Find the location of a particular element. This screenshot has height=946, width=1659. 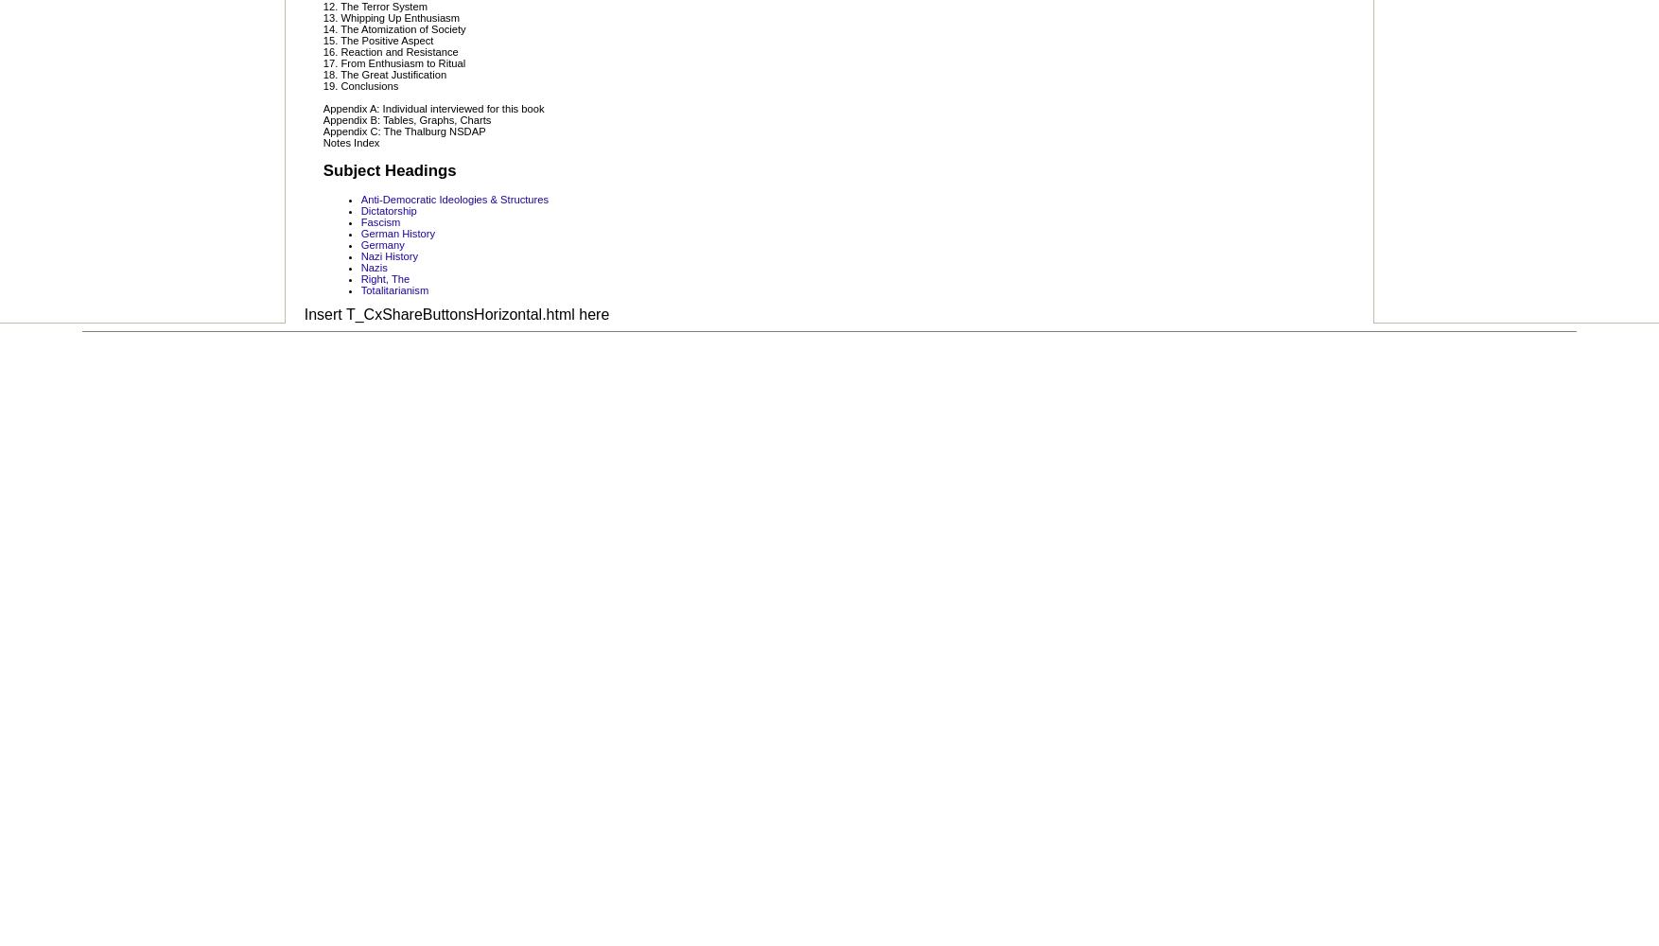

'Nazi History' is located at coordinates (389, 255).